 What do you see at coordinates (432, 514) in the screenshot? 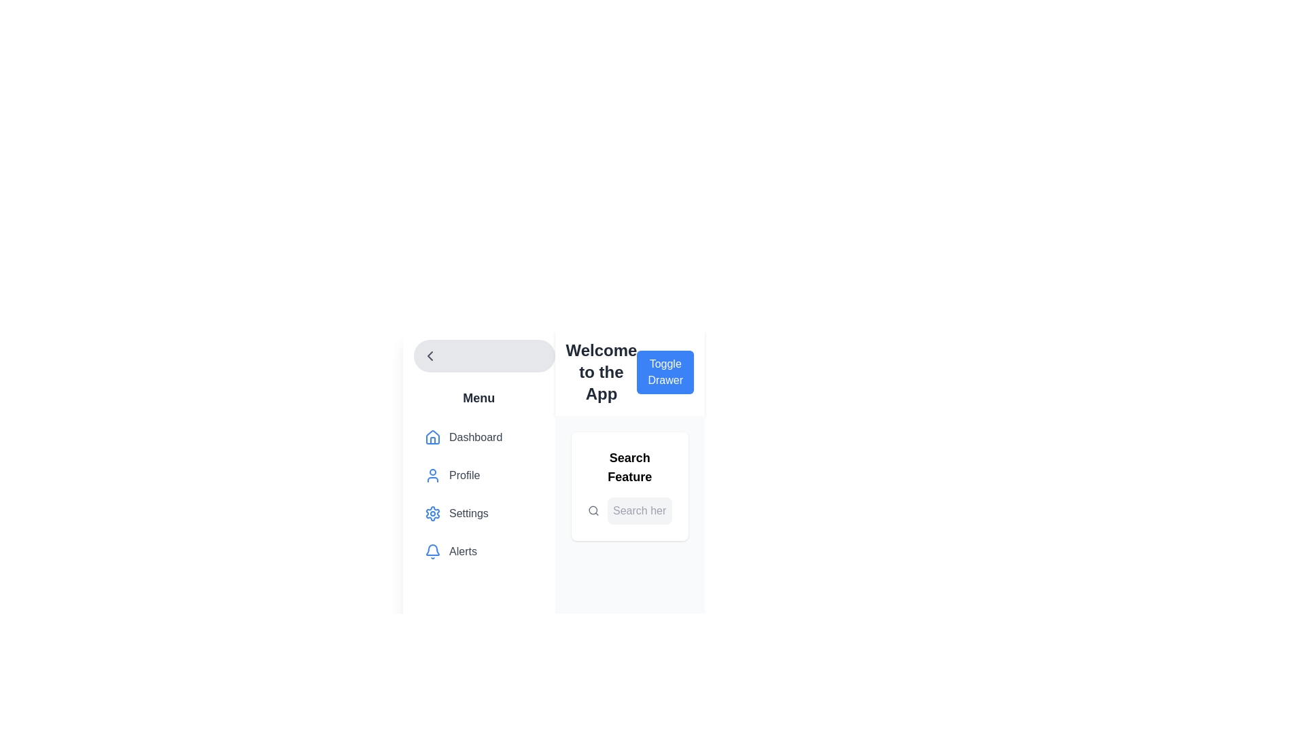
I see `the gear/cogwheel icon in the settings menu` at bounding box center [432, 514].